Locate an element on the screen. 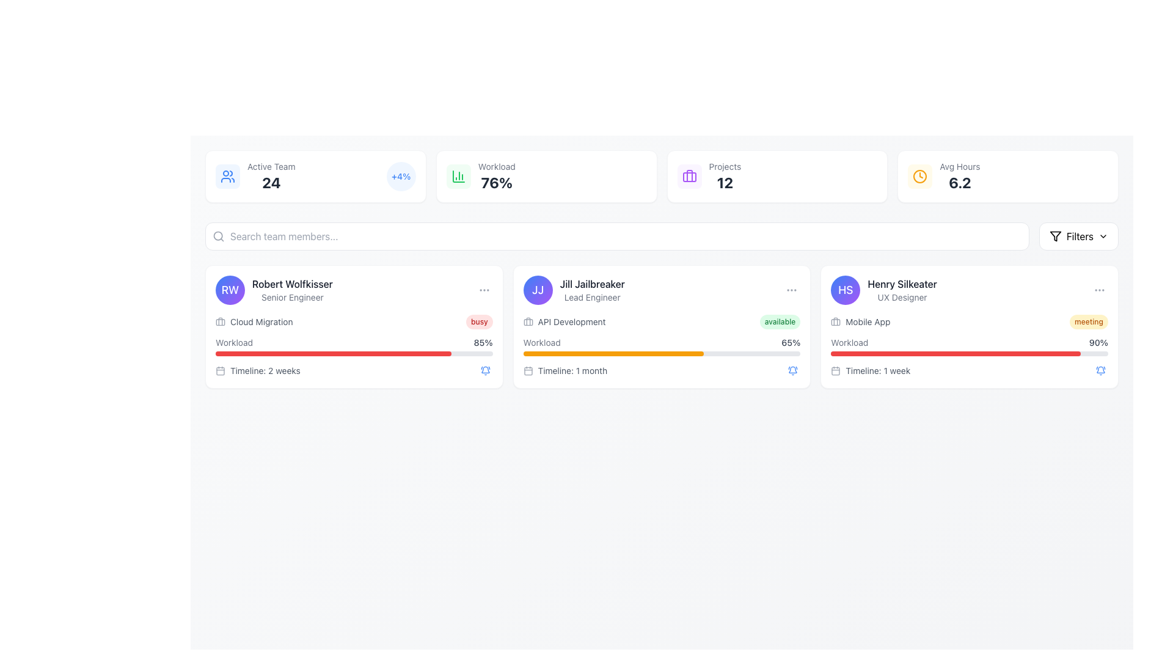 This screenshot has height=660, width=1173. text from the 'Cloud Migration' label located in the first card of the UI layout, positioned under 'Robert Wolfkisser' and to the right of a briefcase icon is located at coordinates (261, 321).